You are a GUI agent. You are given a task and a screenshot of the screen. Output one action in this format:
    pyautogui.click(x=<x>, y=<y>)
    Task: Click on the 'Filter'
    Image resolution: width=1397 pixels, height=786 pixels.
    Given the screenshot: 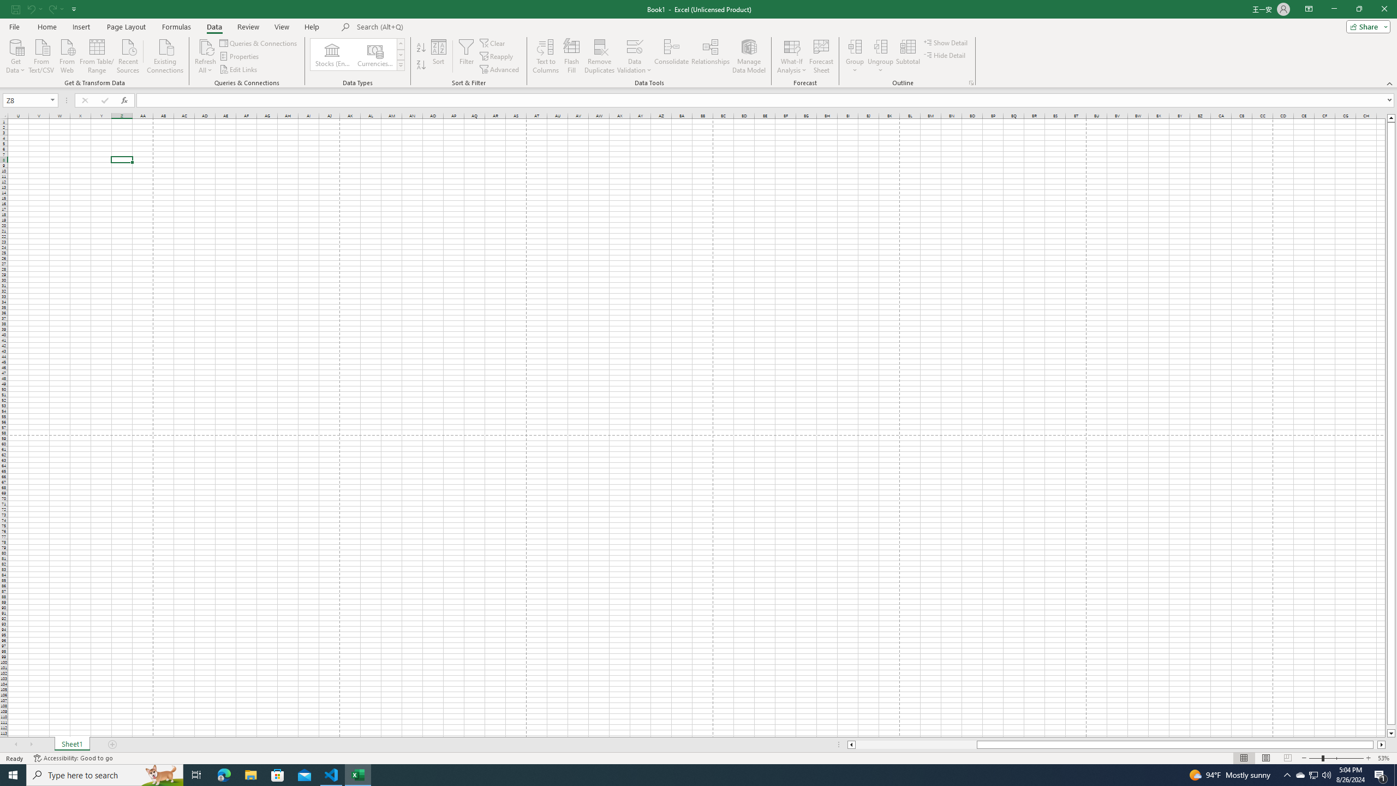 What is the action you would take?
    pyautogui.click(x=467, y=56)
    